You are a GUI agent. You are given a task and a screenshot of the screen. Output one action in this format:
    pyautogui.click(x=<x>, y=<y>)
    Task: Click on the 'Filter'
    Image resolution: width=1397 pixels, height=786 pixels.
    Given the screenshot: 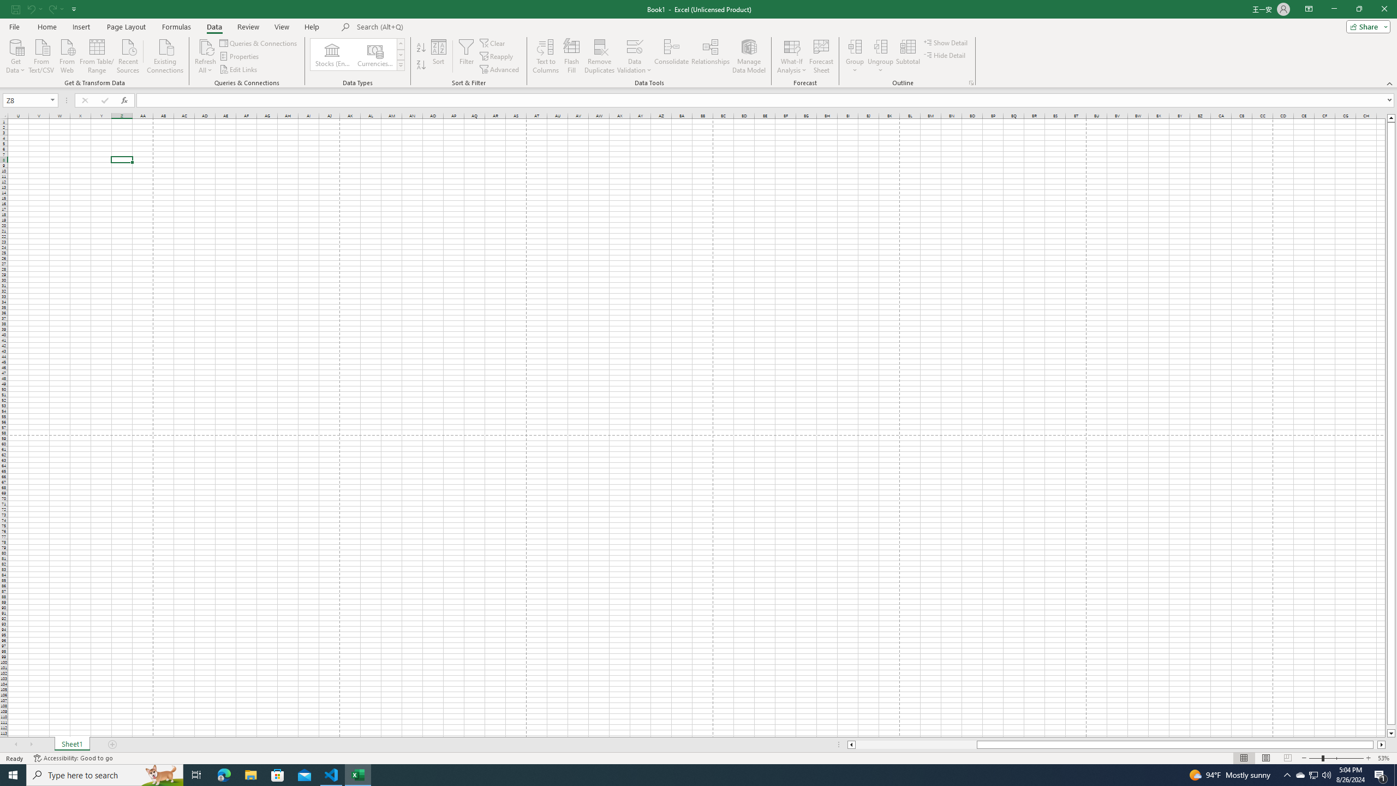 What is the action you would take?
    pyautogui.click(x=467, y=56)
    